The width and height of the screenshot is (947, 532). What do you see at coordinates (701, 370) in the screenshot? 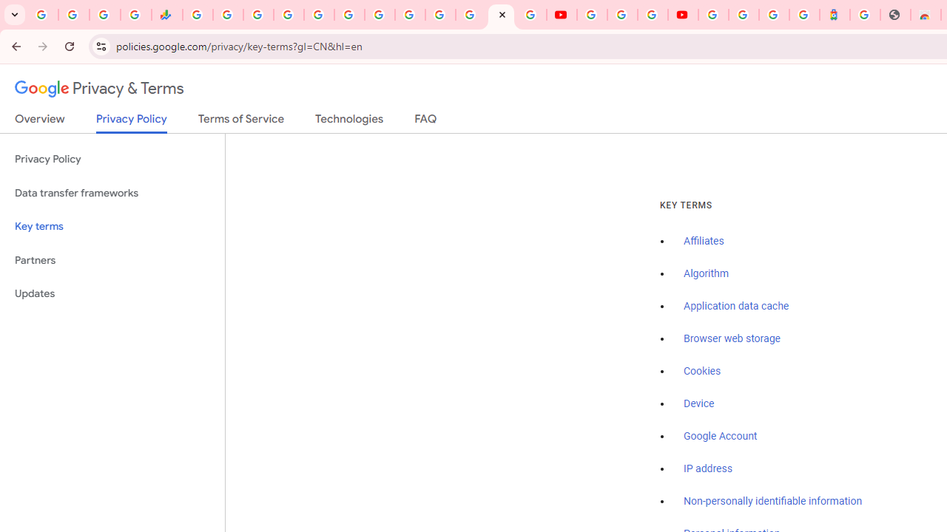
I see `'Cookies'` at bounding box center [701, 370].